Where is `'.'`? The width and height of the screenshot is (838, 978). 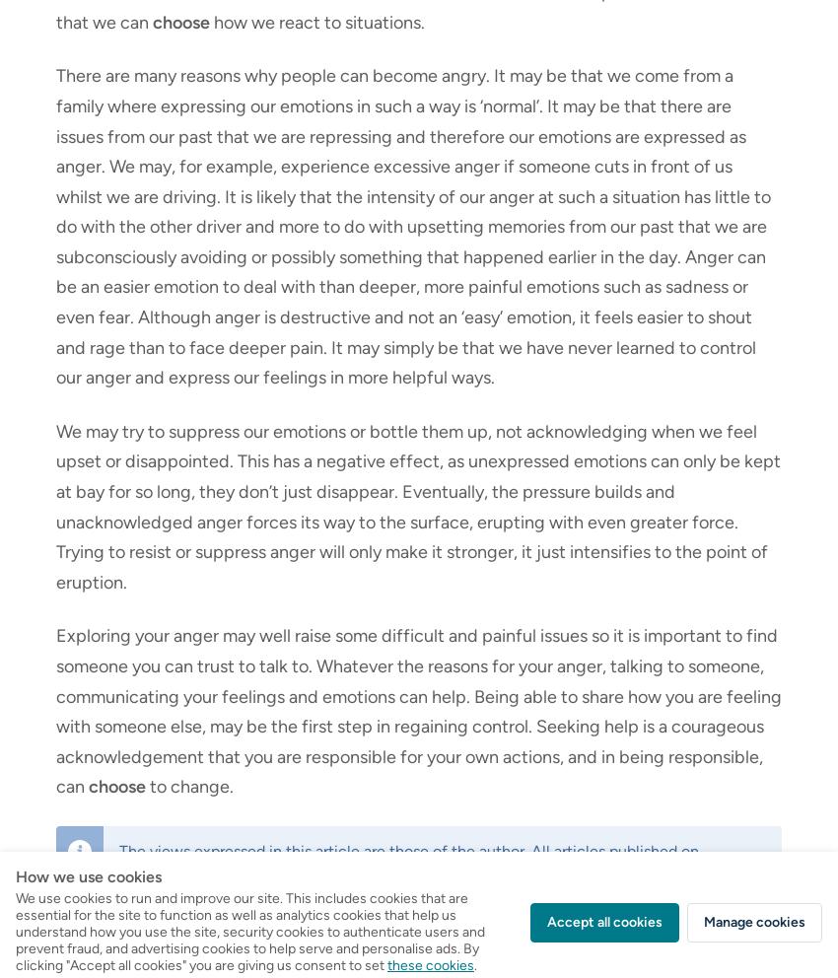
'.' is located at coordinates (516, 871).